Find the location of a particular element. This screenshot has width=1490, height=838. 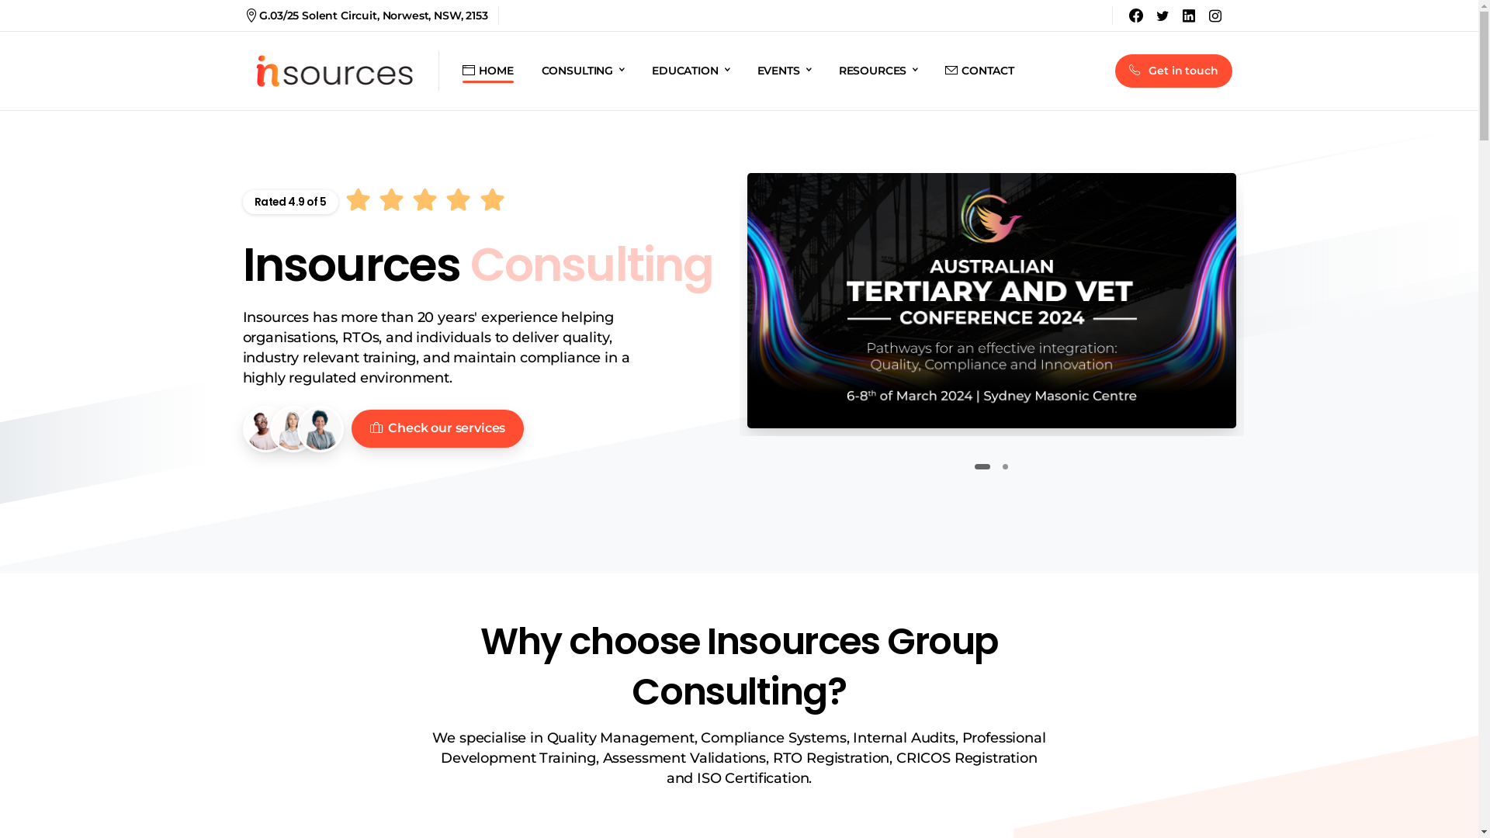

'CONTACT' is located at coordinates (979, 71).